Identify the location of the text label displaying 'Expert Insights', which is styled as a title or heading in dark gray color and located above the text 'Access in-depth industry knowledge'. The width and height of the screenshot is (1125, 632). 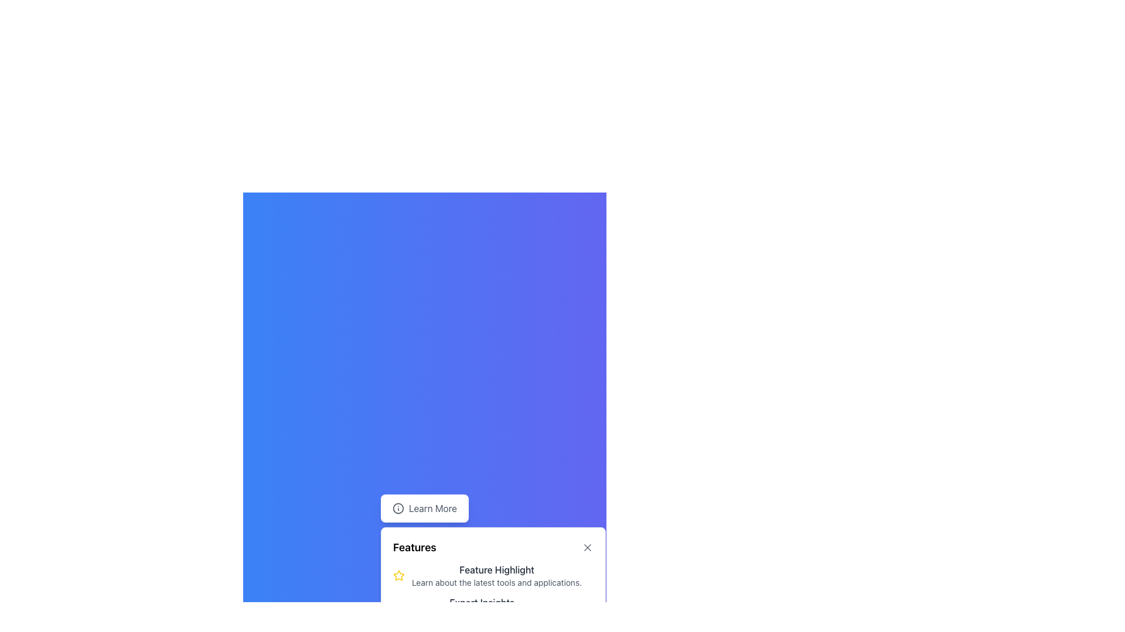
(482, 602).